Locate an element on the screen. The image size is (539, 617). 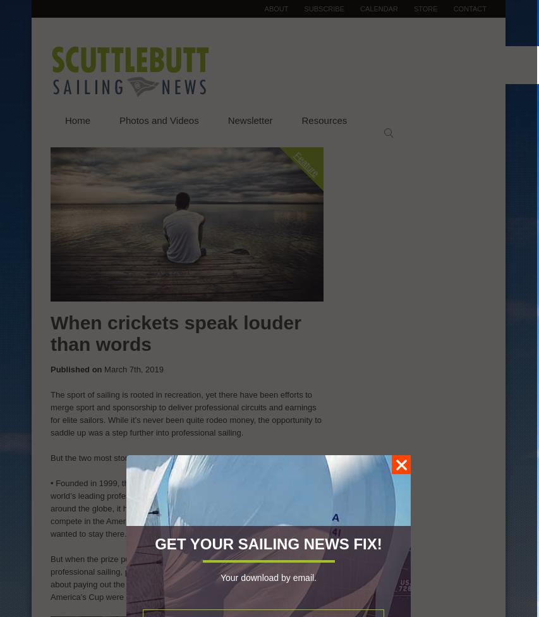
'But when the prize purses couldn’t keep pace with the daily rate in professional sailing, particularly when the individual events weren’t so good about paying out the prize money, and how the skills needed for the America’s Cup were being found elsewhere, the Tour began to stumble.' is located at coordinates (186, 577).